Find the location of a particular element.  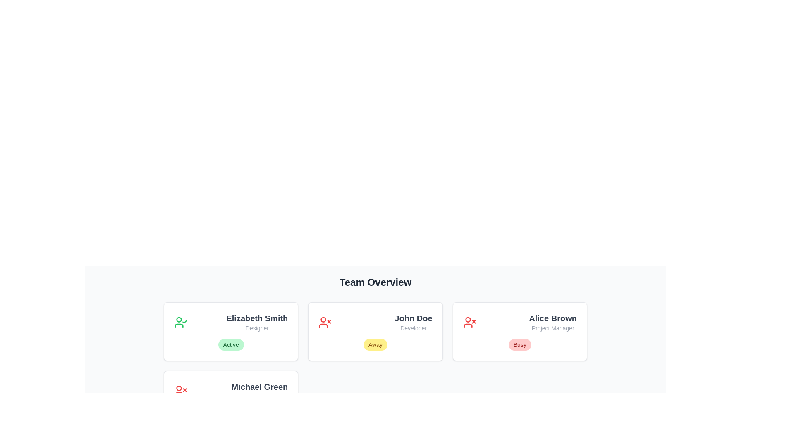

the Profile card is located at coordinates (231, 399).